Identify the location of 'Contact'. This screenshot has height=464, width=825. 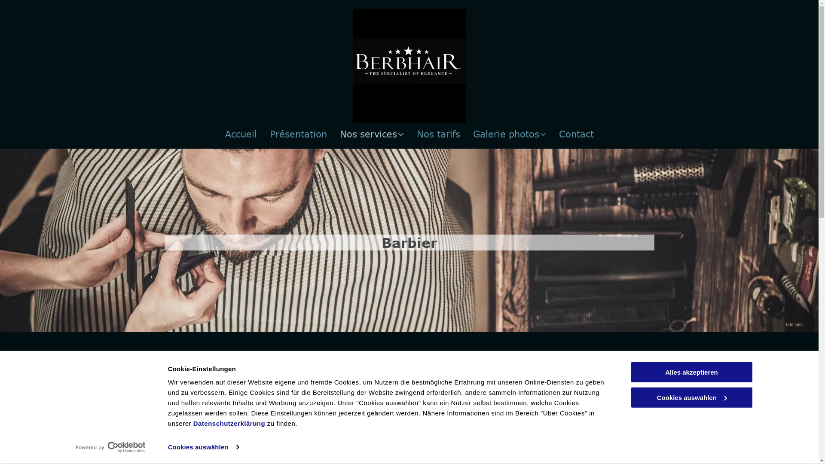
(576, 134).